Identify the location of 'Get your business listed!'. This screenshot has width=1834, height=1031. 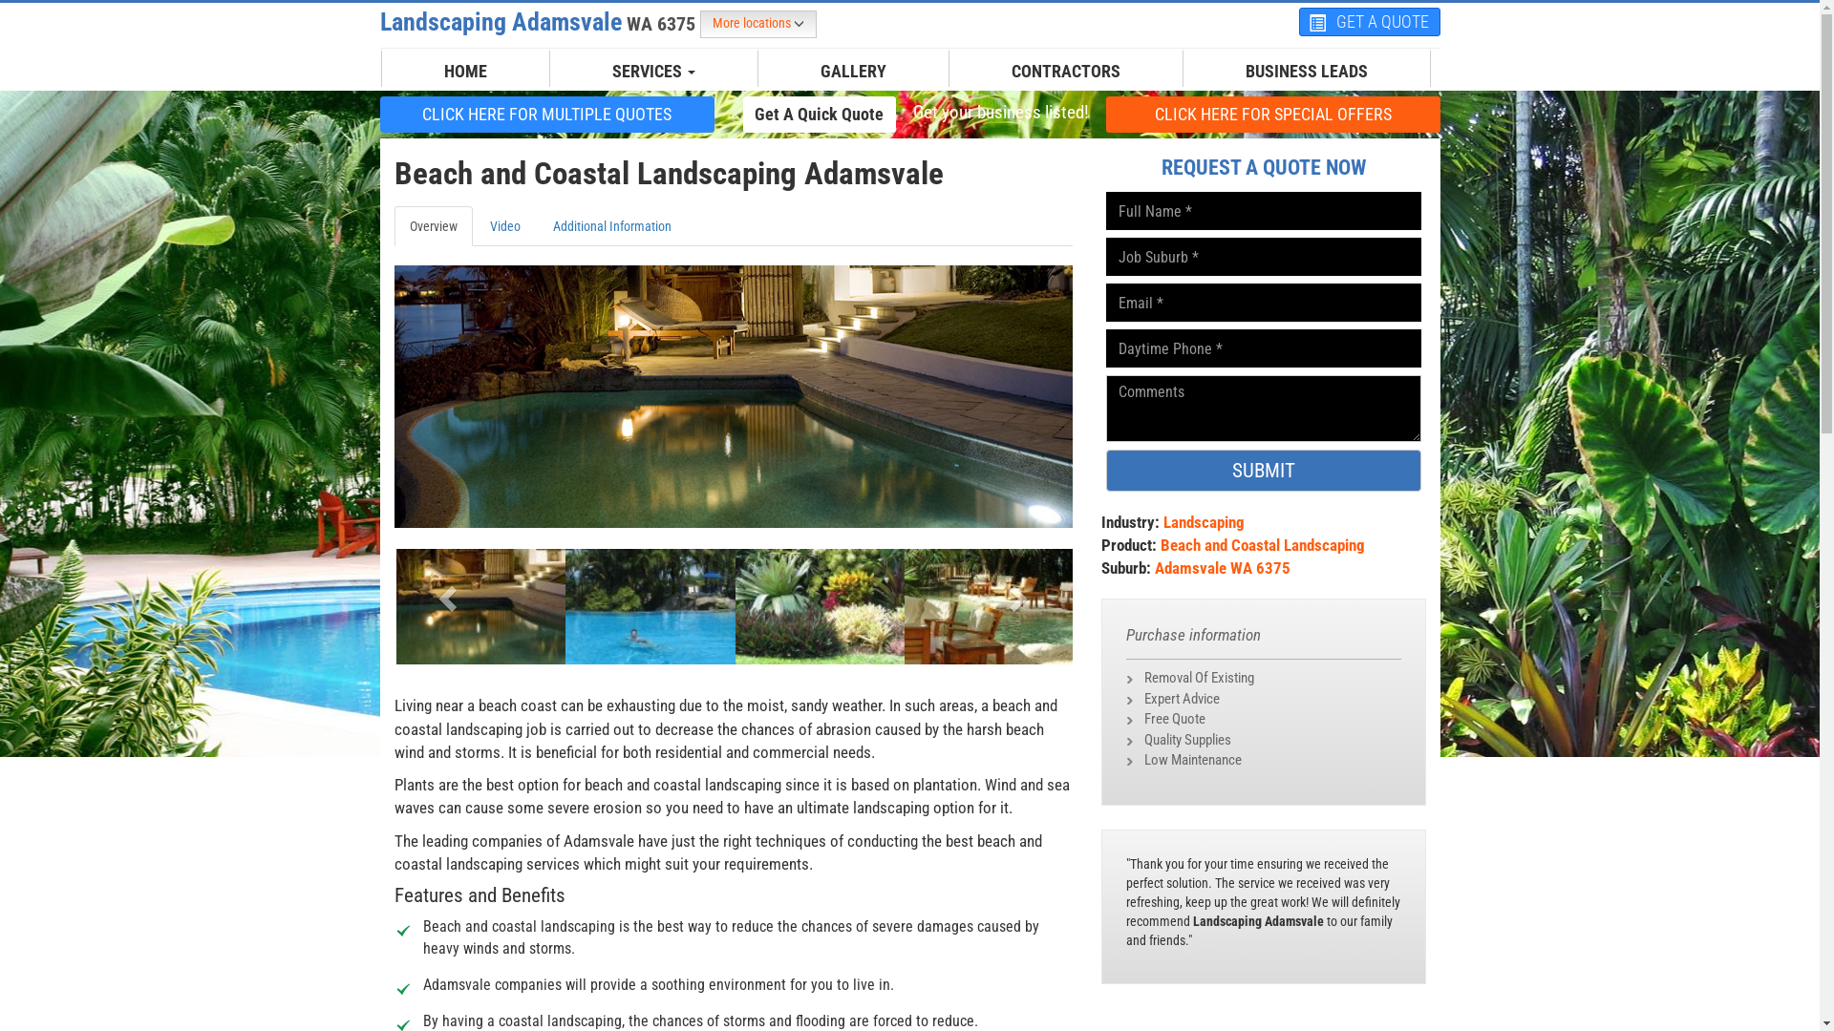
(998, 113).